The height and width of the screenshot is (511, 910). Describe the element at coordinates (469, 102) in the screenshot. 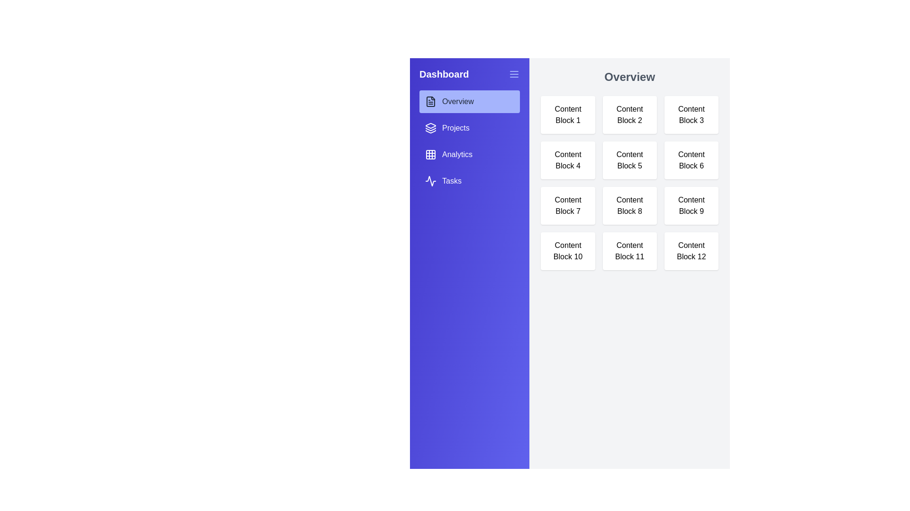

I see `the tab Overview from the sidebar menu` at that location.